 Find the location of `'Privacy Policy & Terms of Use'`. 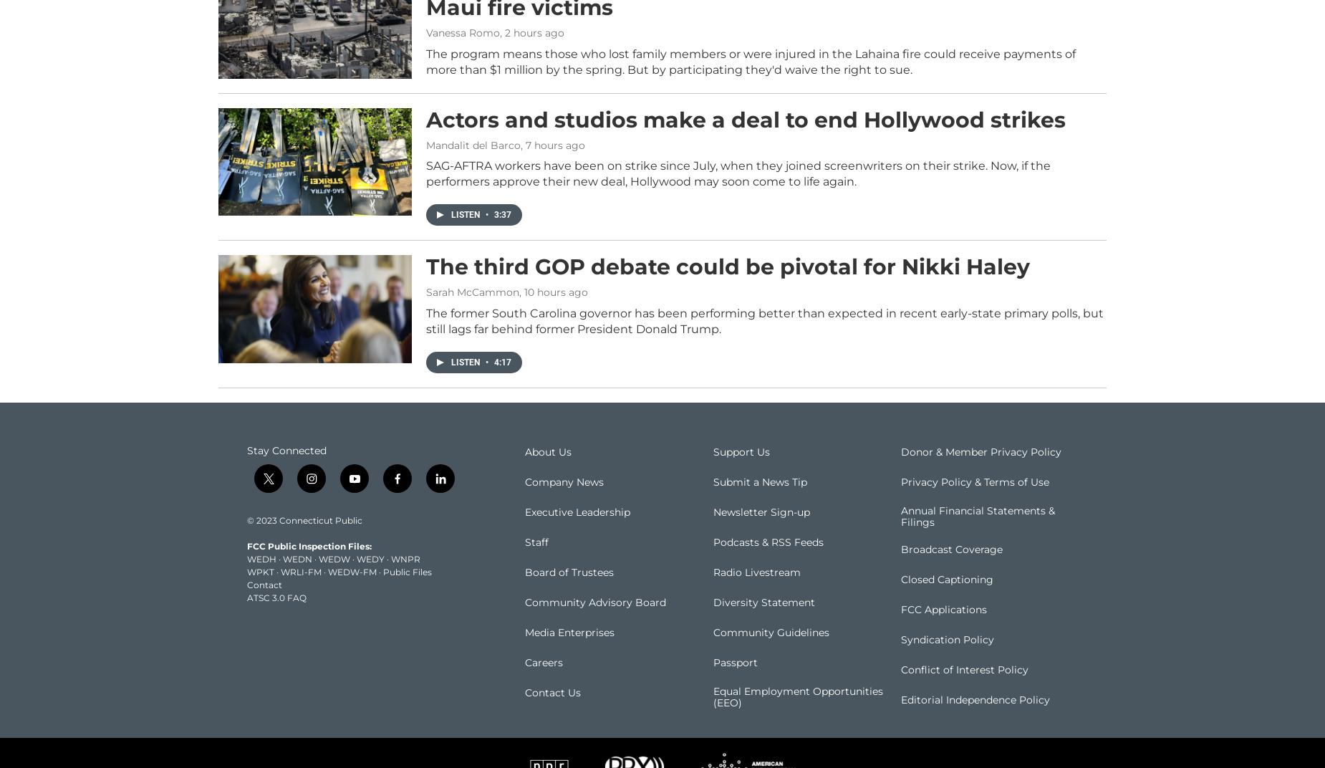

'Privacy Policy & Terms of Use' is located at coordinates (974, 502).